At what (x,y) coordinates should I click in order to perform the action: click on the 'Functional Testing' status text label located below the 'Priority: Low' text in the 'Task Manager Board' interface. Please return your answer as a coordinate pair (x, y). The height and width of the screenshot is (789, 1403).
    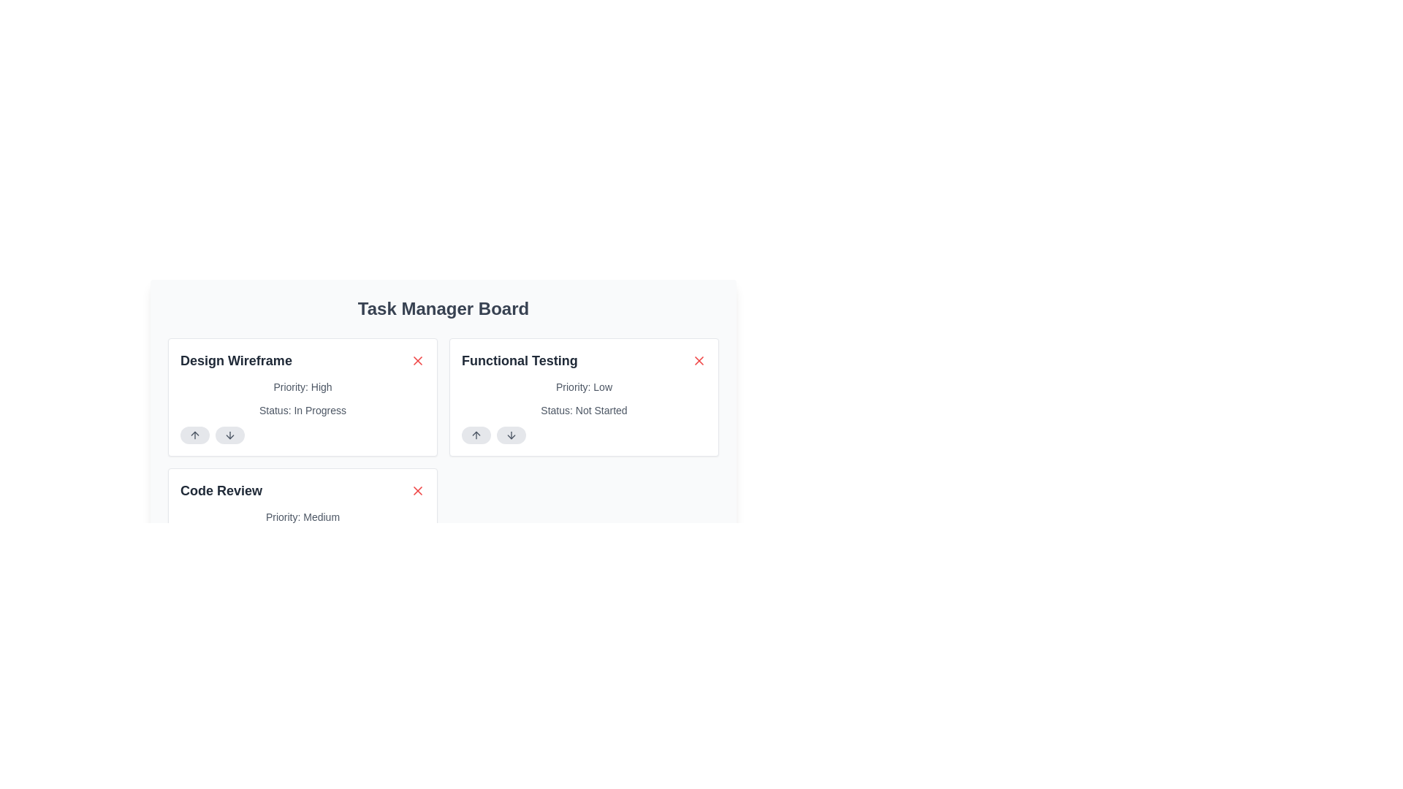
    Looking at the image, I should click on (583, 411).